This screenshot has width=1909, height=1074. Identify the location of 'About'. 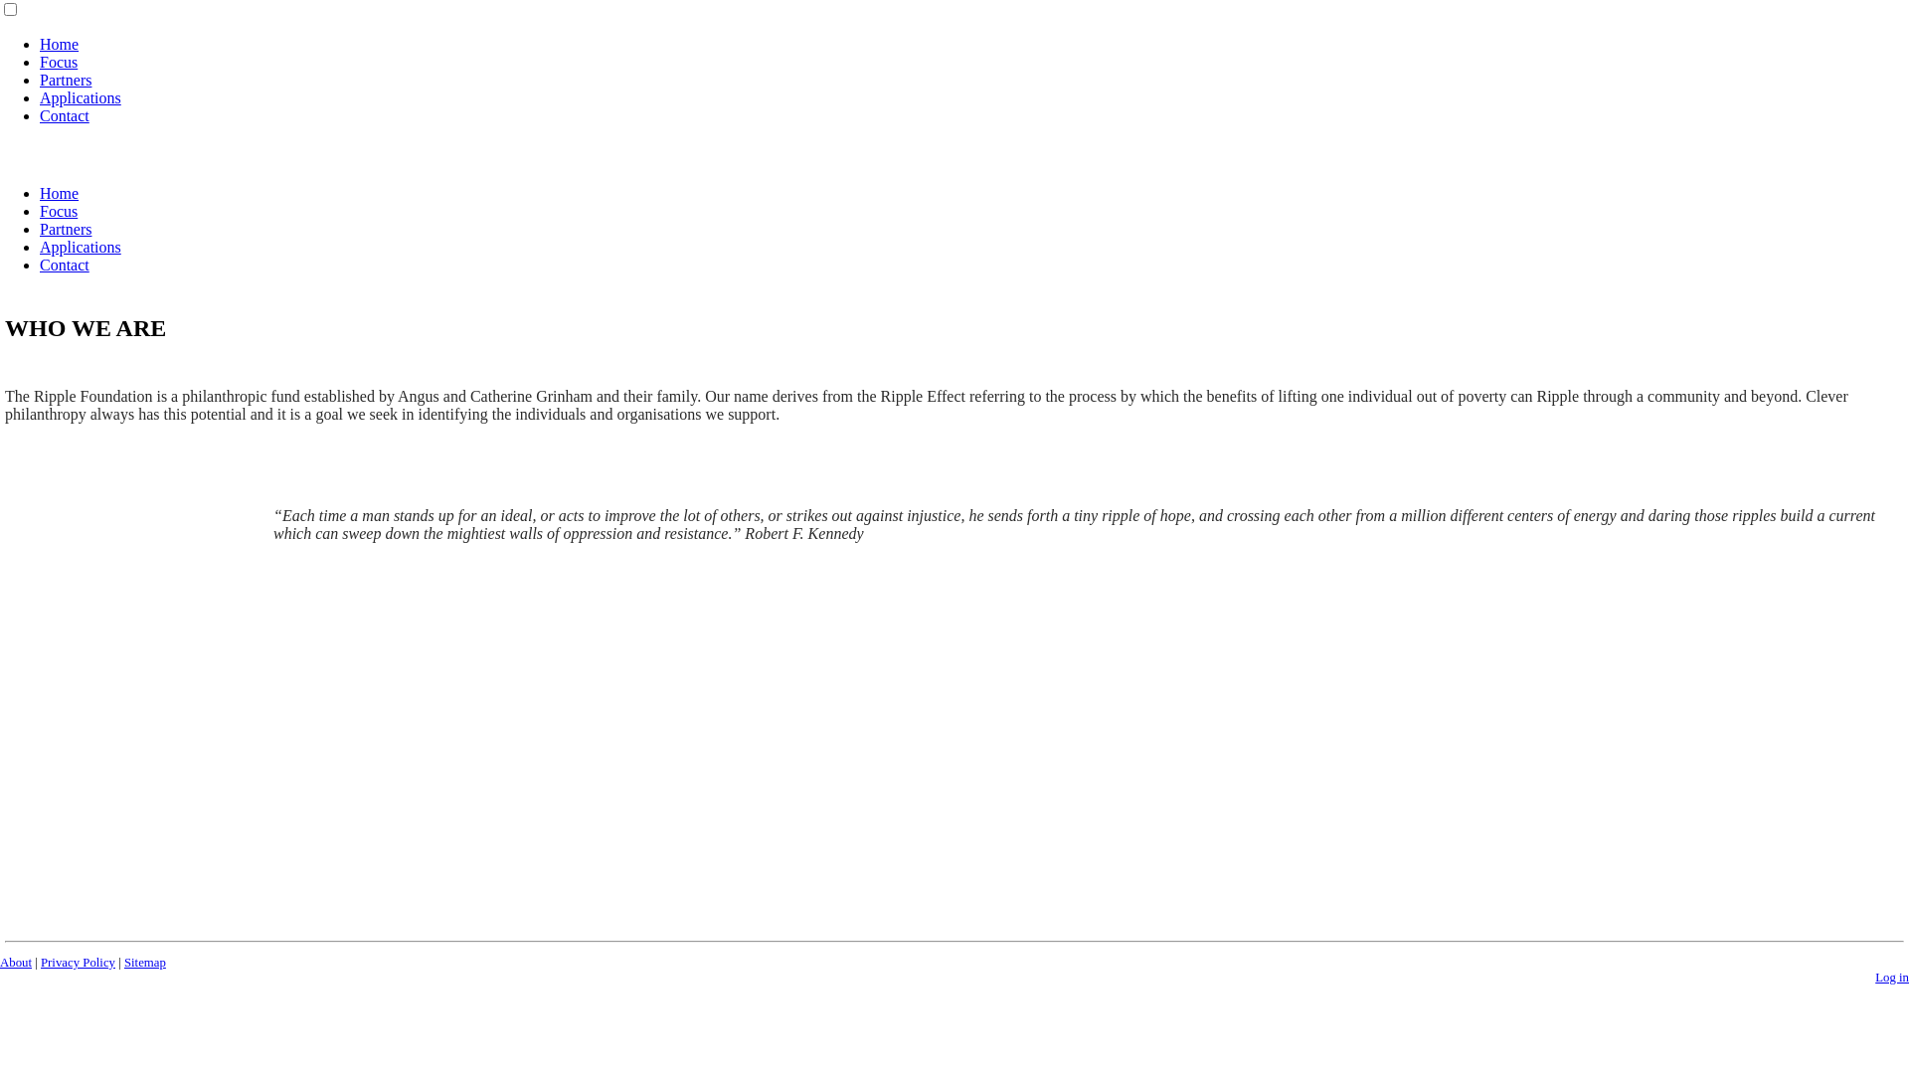
(15, 962).